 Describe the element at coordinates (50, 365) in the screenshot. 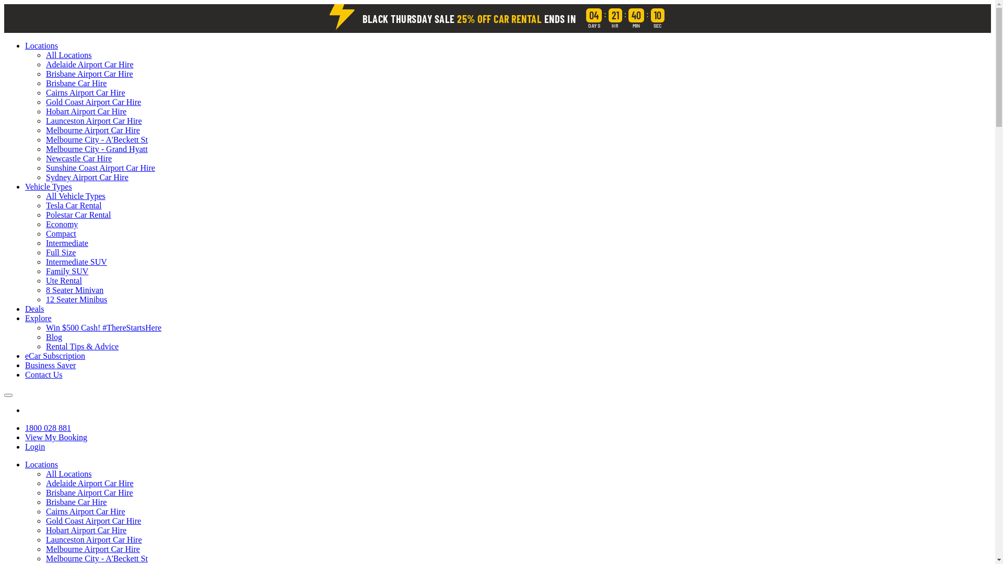

I see `'Business Saver'` at that location.